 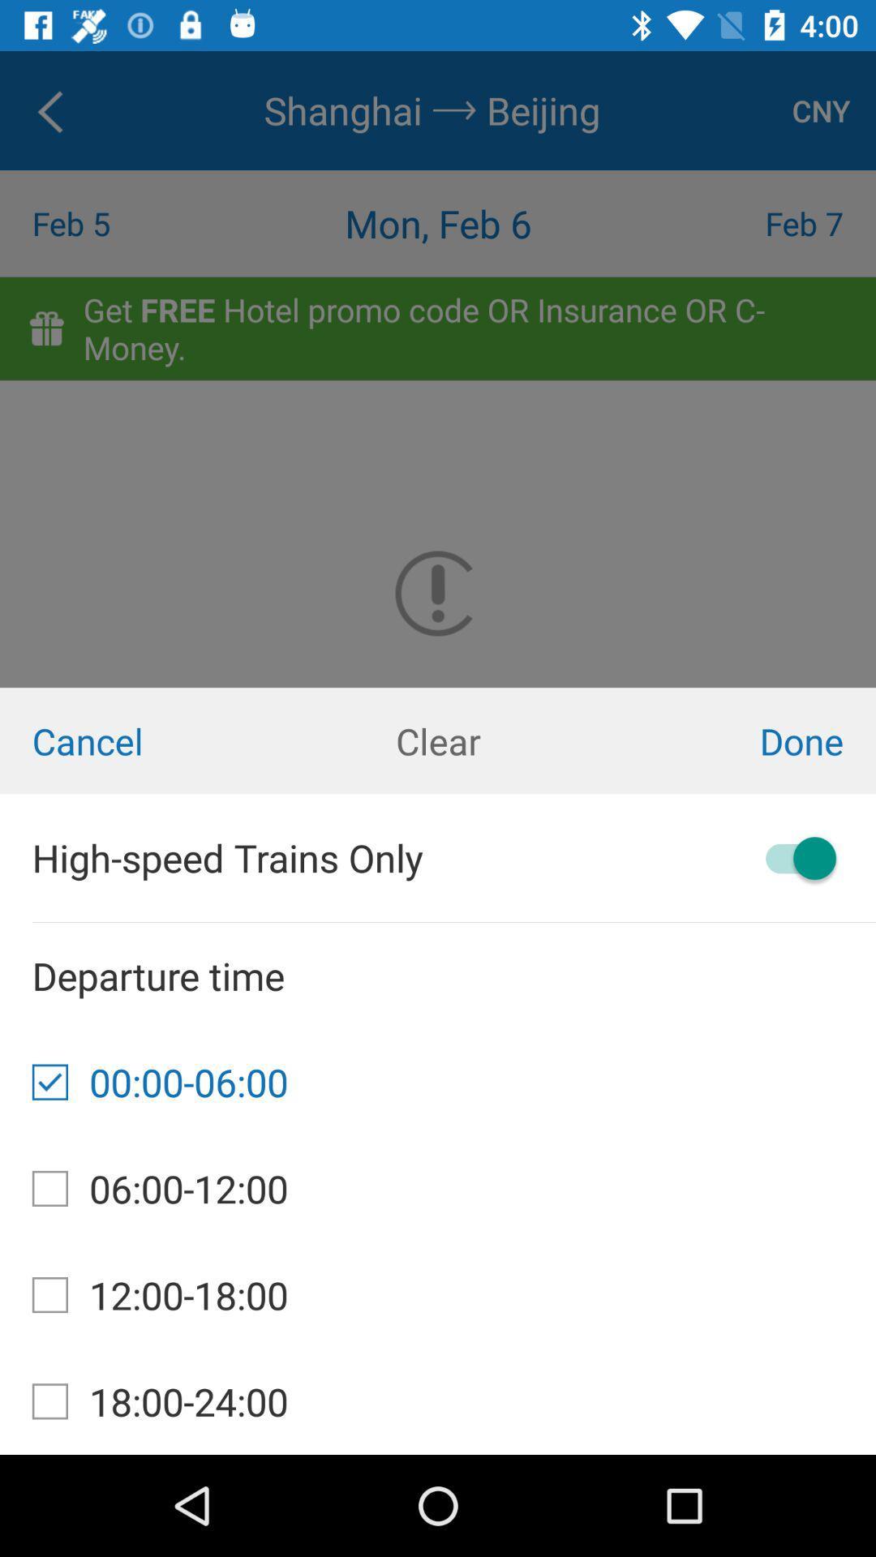 What do you see at coordinates (438, 740) in the screenshot?
I see `the icon to the left of done` at bounding box center [438, 740].